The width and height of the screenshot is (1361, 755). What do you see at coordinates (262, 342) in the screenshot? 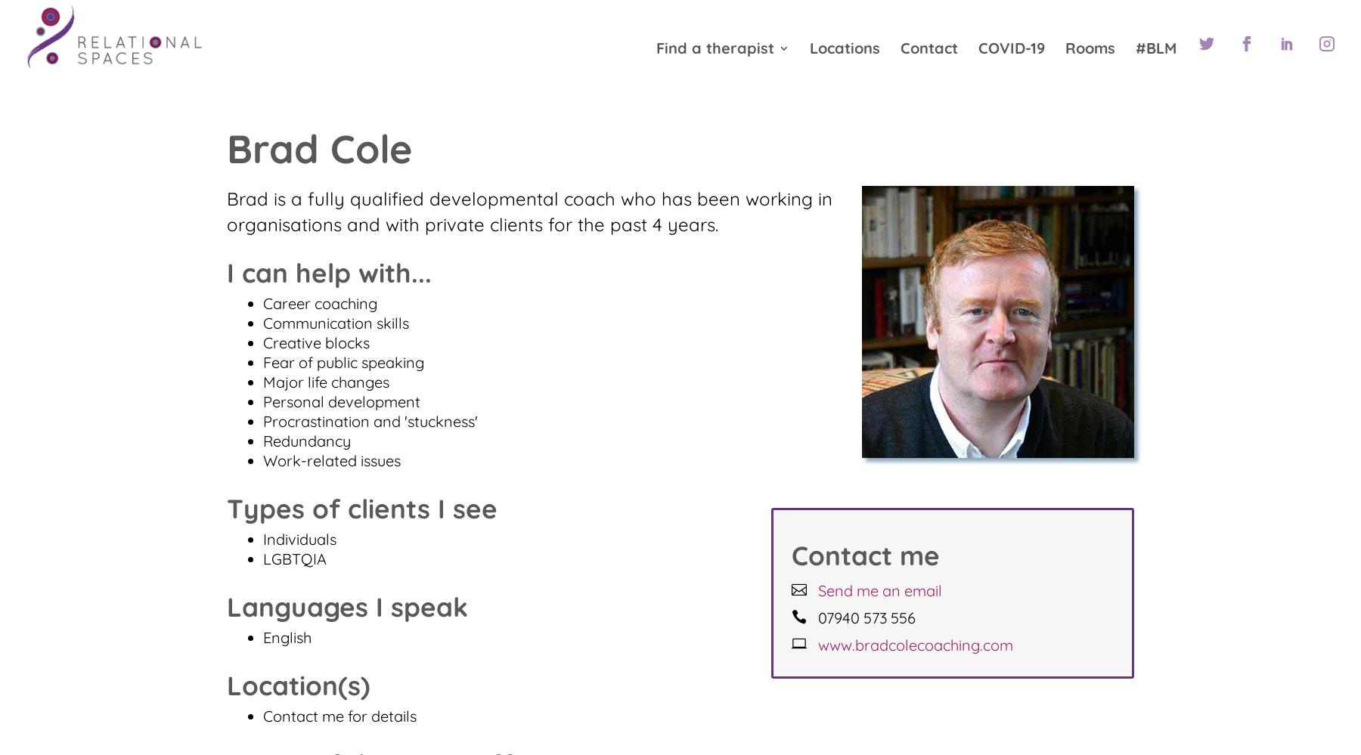
I see `'Creative blocks'` at bounding box center [262, 342].